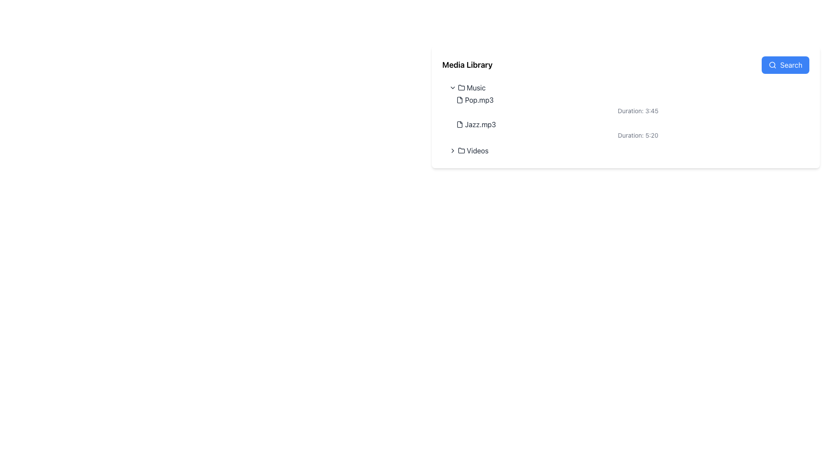 Image resolution: width=840 pixels, height=472 pixels. I want to click on the file icon representing 'Jazz.mp3', so click(459, 125).